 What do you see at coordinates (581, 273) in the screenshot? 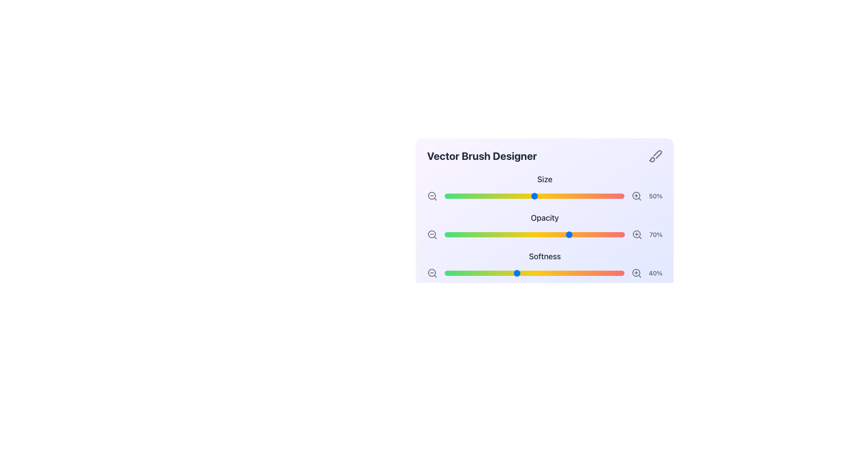
I see `the softness` at bounding box center [581, 273].